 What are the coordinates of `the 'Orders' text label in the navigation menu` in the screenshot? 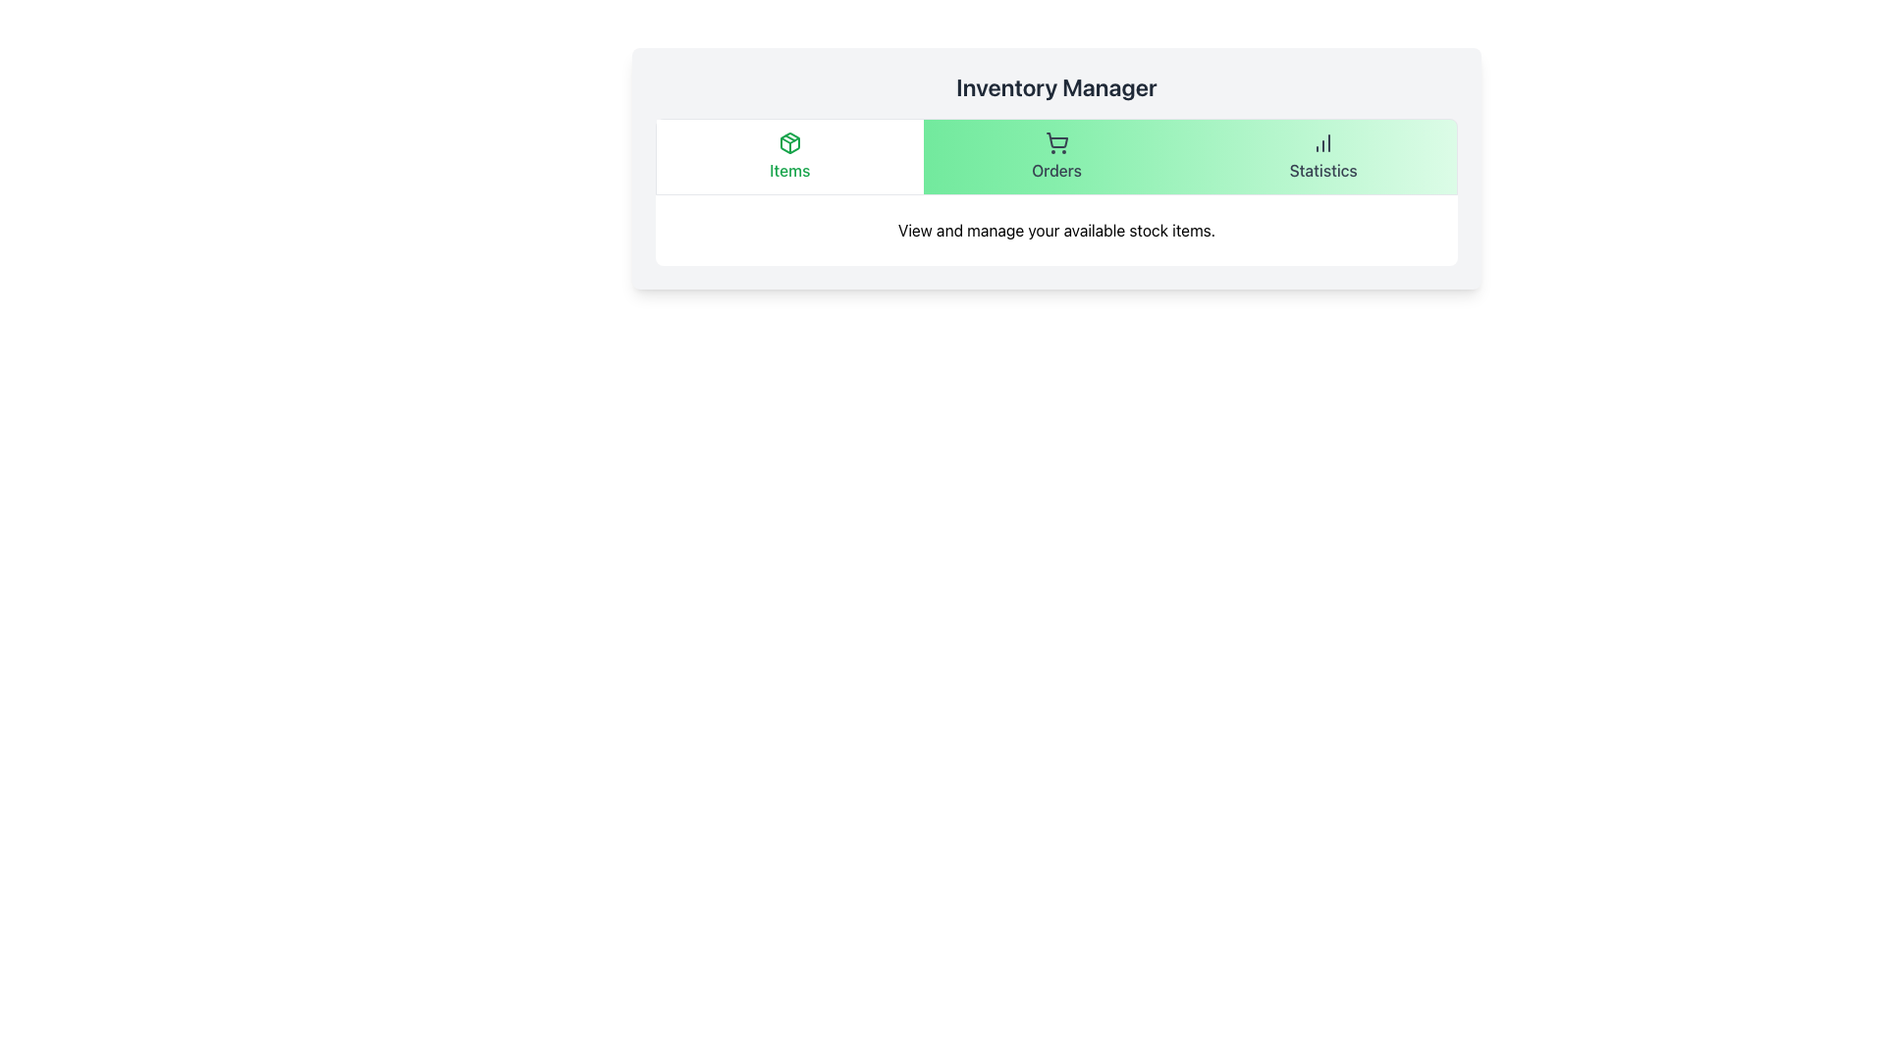 It's located at (1055, 169).